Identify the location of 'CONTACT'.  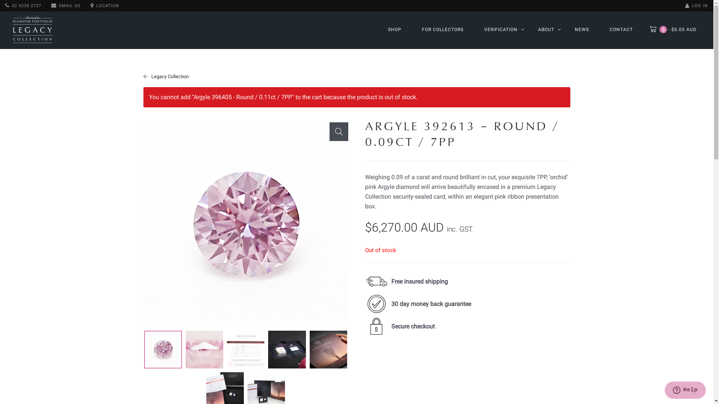
(621, 29).